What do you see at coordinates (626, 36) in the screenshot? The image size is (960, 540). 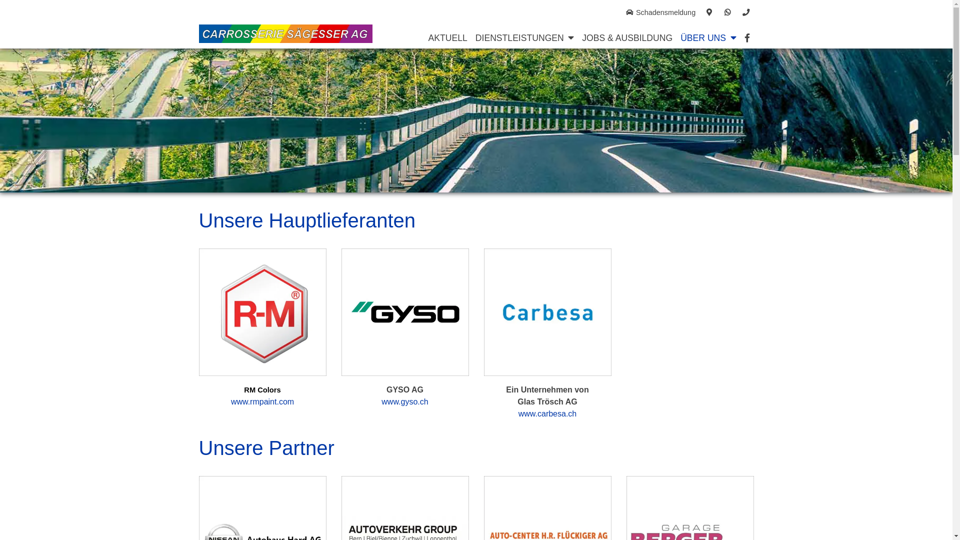 I see `'JOBS & AUSBILDUNG'` at bounding box center [626, 36].